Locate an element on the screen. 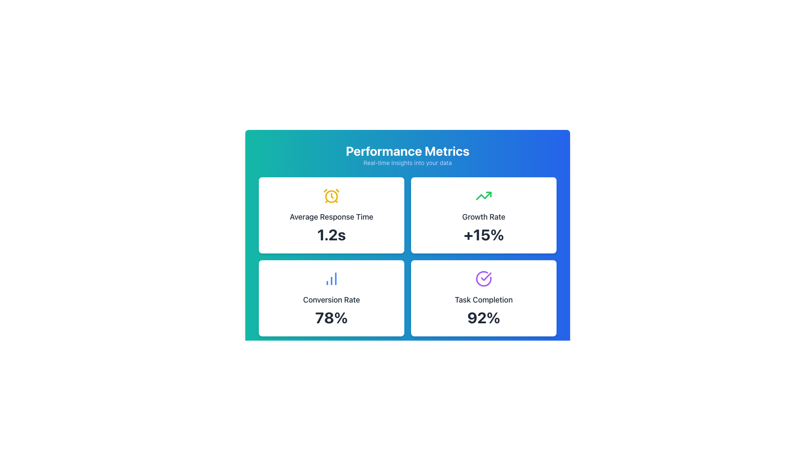 The height and width of the screenshot is (457, 812). success Icon located at the top-center of the 'Task Completion' card in the lower-right quadrant of the dashboard for information is located at coordinates (483, 279).